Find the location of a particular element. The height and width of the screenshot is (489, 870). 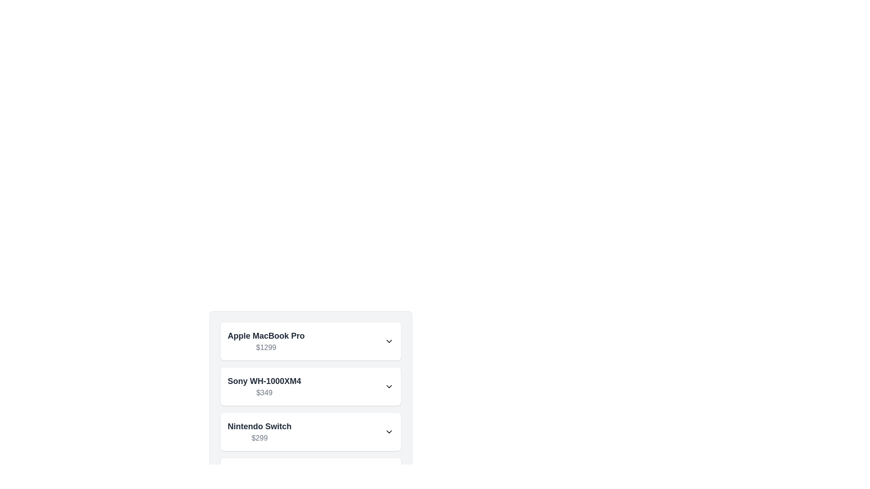

the text block displaying 'Nintendo Switch' and its price '$299', which is the third item in a vertical list of products is located at coordinates (259, 431).